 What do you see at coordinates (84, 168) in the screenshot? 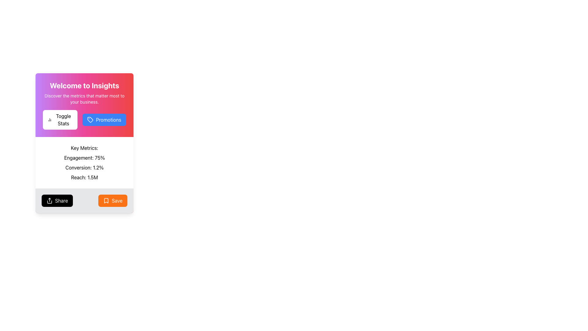
I see `the text display showing metrics 'Engagement: 75%', 'Conversion: 1.2%', and 'Reach: 1.5M' located under the 'Key Metrics:' section` at bounding box center [84, 168].